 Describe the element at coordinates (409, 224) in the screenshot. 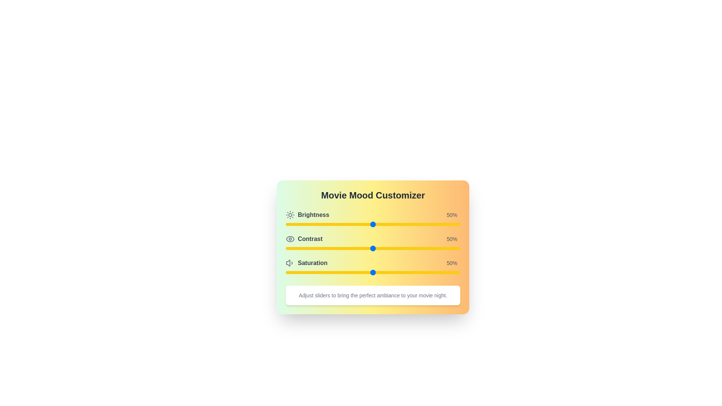

I see `brightness` at that location.